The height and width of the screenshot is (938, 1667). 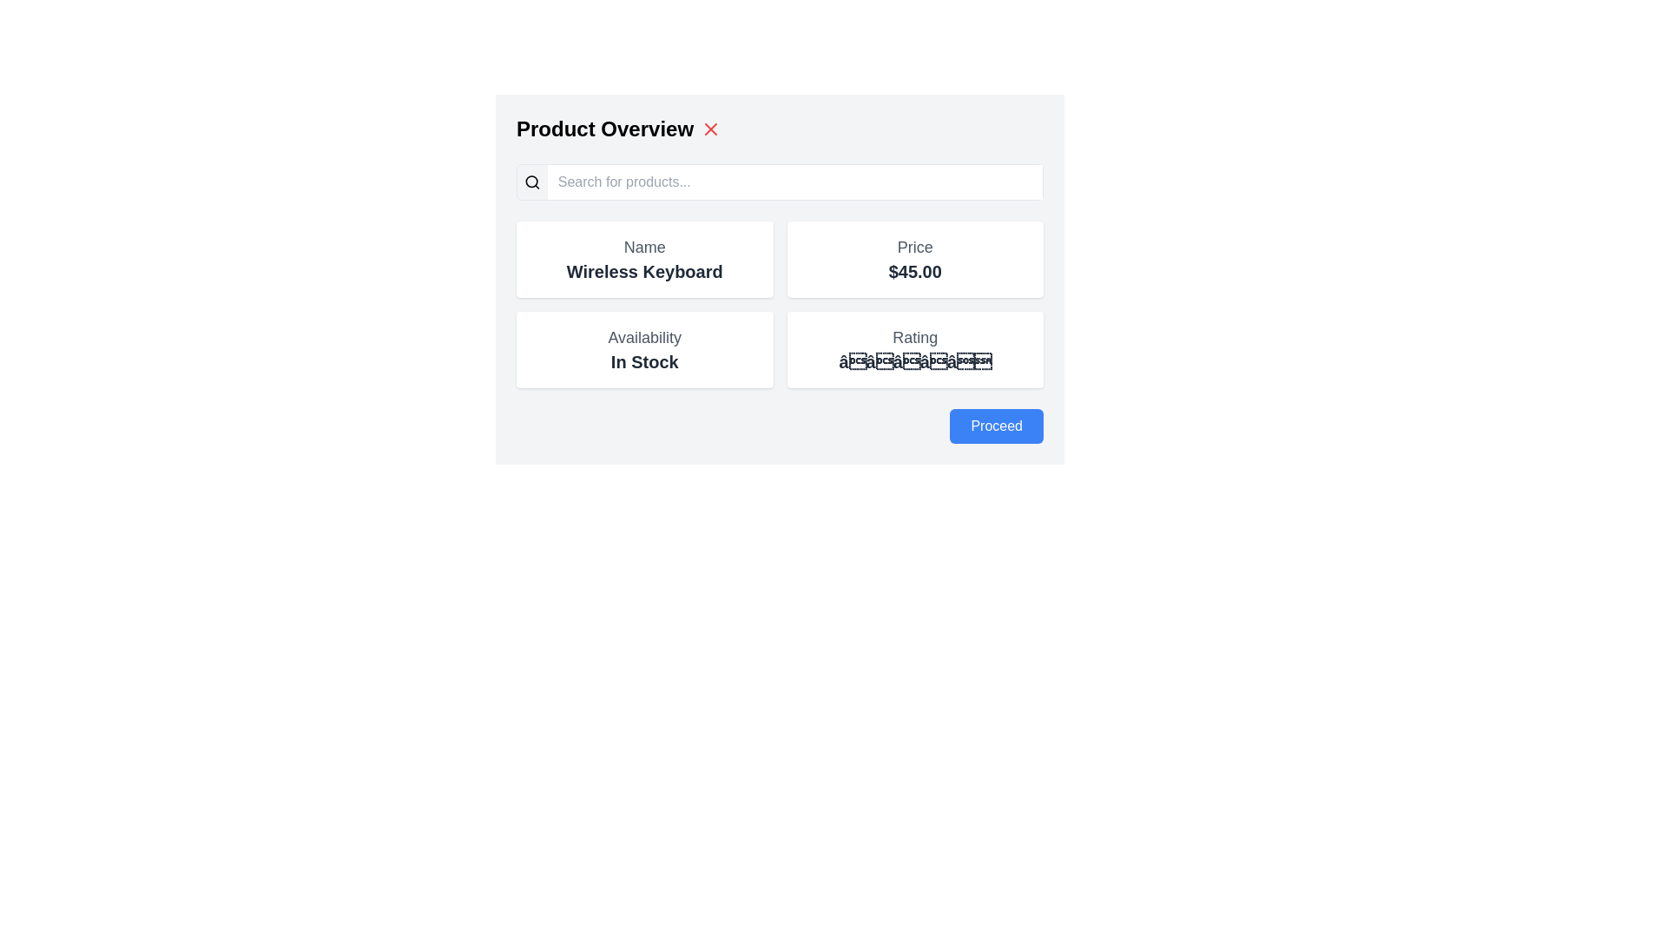 What do you see at coordinates (530, 182) in the screenshot?
I see `the circular graphic within the search icon located at the top-left side of the interface layout` at bounding box center [530, 182].